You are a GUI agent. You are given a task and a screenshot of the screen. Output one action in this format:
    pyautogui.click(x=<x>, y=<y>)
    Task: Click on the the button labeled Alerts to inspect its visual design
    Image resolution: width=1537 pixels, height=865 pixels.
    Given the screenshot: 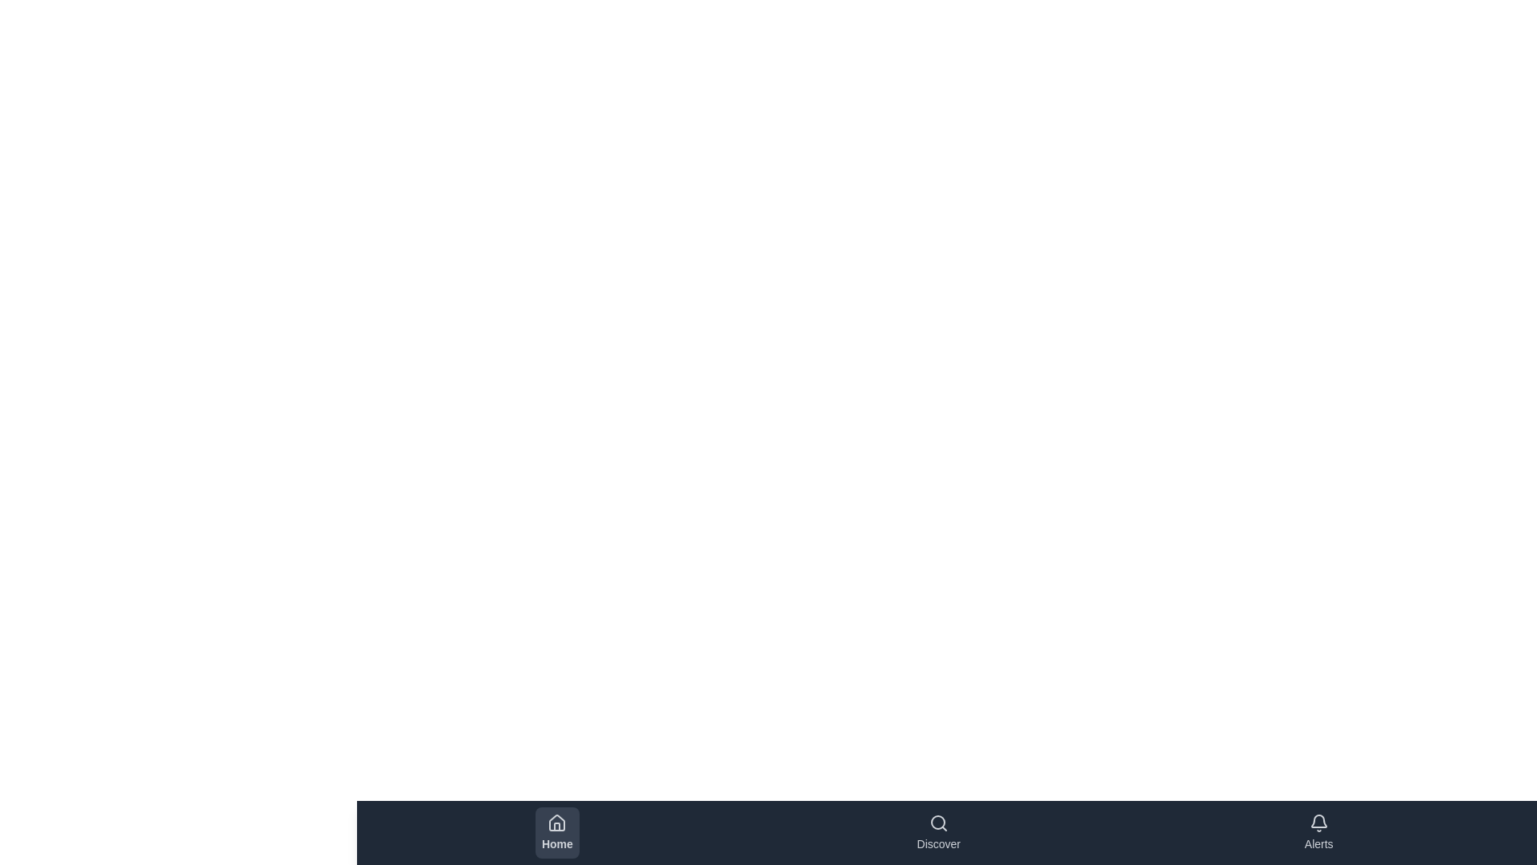 What is the action you would take?
    pyautogui.click(x=1318, y=832)
    